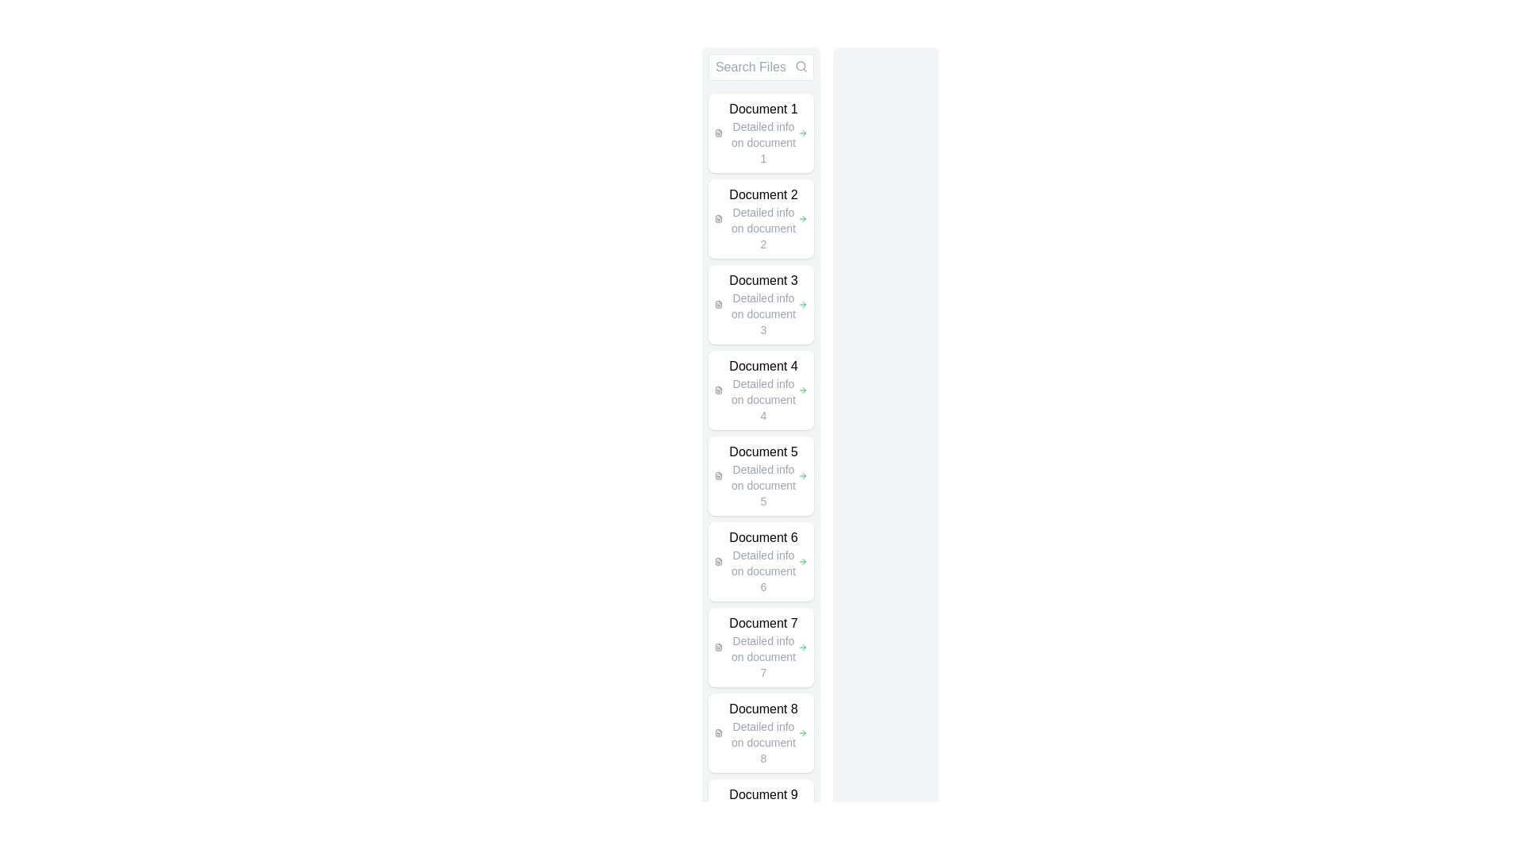 The width and height of the screenshot is (1525, 857). What do you see at coordinates (717, 219) in the screenshot?
I see `the file icon represented by an outline of a document, located to the left of the 'Document 2' label in the list` at bounding box center [717, 219].